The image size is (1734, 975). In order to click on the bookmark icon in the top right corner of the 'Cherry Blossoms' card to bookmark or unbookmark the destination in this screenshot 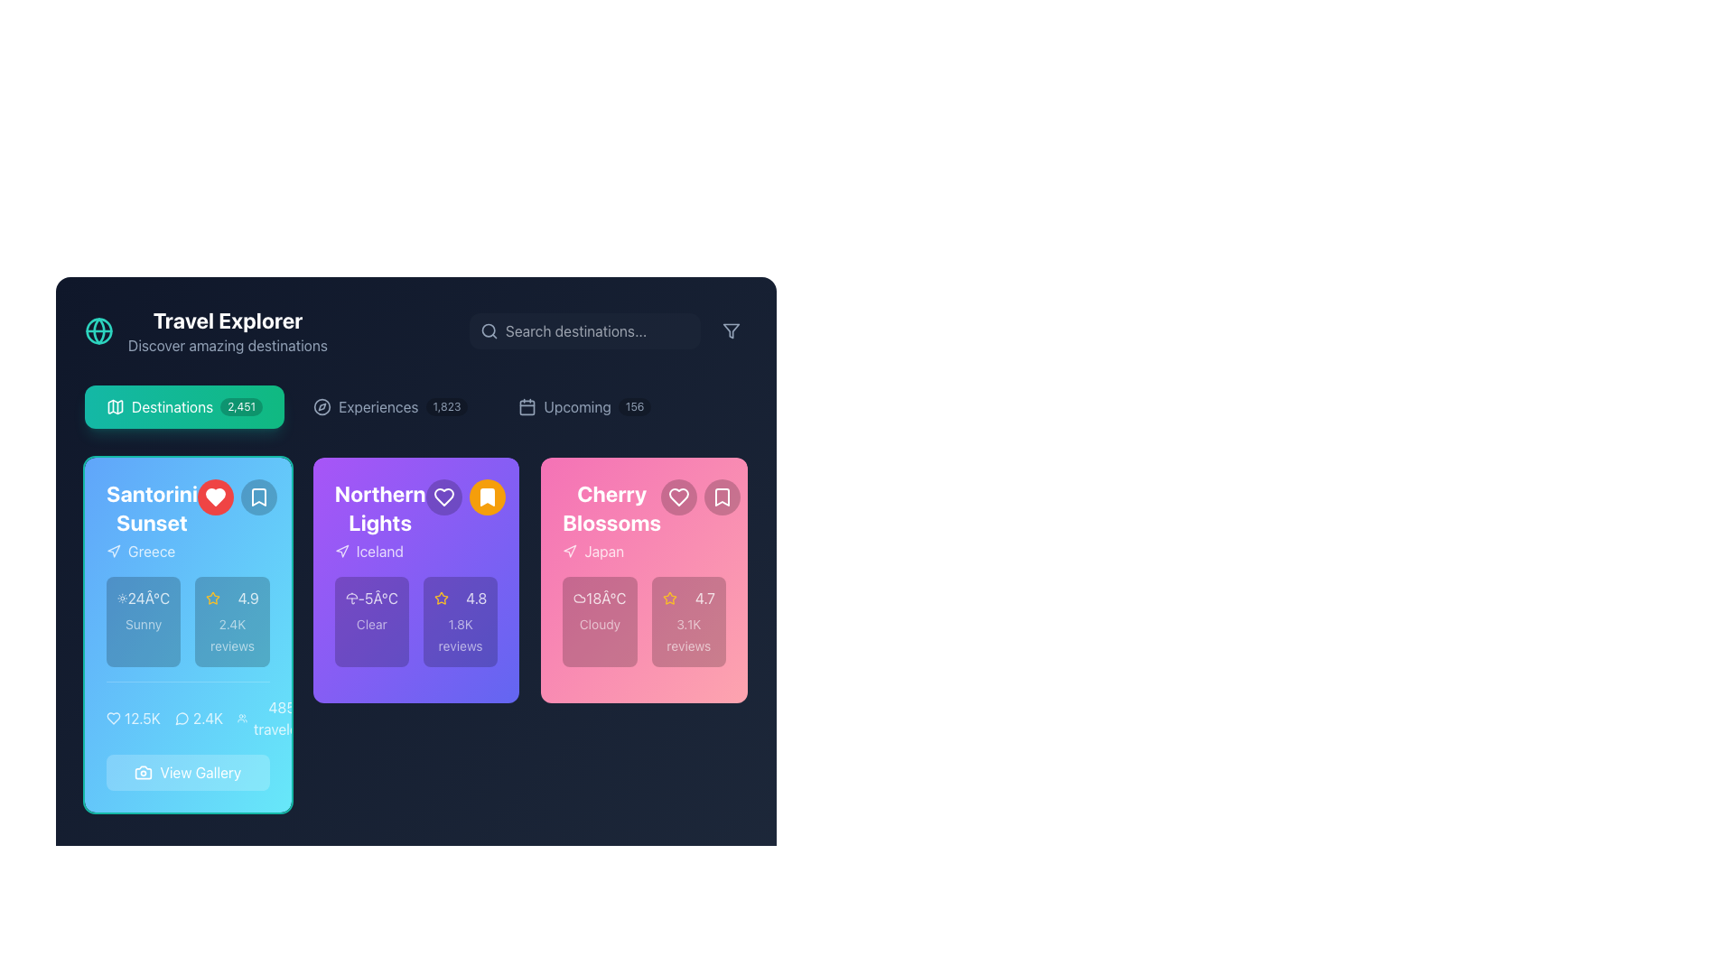, I will do `click(722, 497)`.